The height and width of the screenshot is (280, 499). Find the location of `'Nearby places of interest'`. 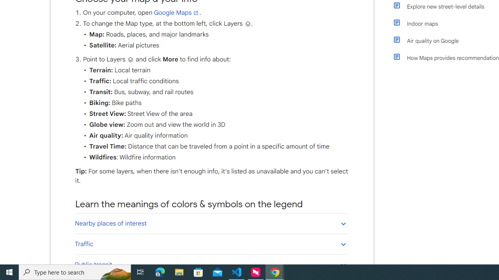

'Nearby places of interest' is located at coordinates (211, 223).